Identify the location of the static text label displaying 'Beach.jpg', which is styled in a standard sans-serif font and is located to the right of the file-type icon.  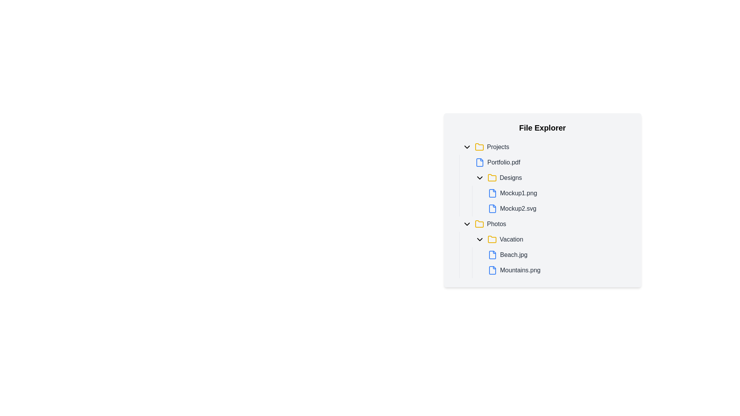
(514, 255).